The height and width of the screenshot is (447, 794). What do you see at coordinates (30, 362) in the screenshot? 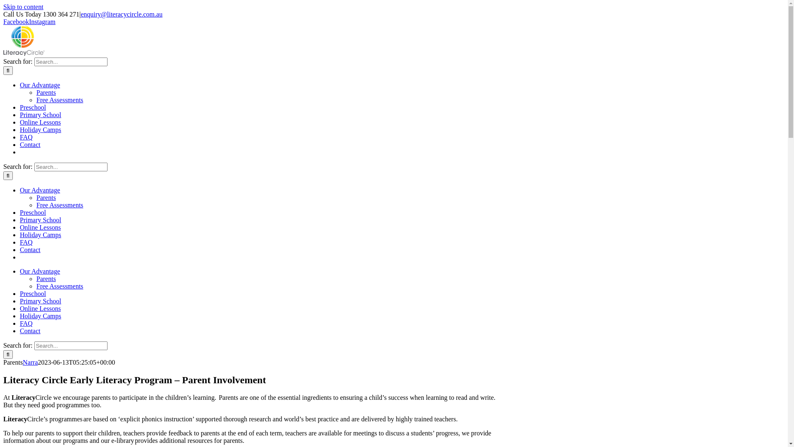
I see `'Narra'` at bounding box center [30, 362].